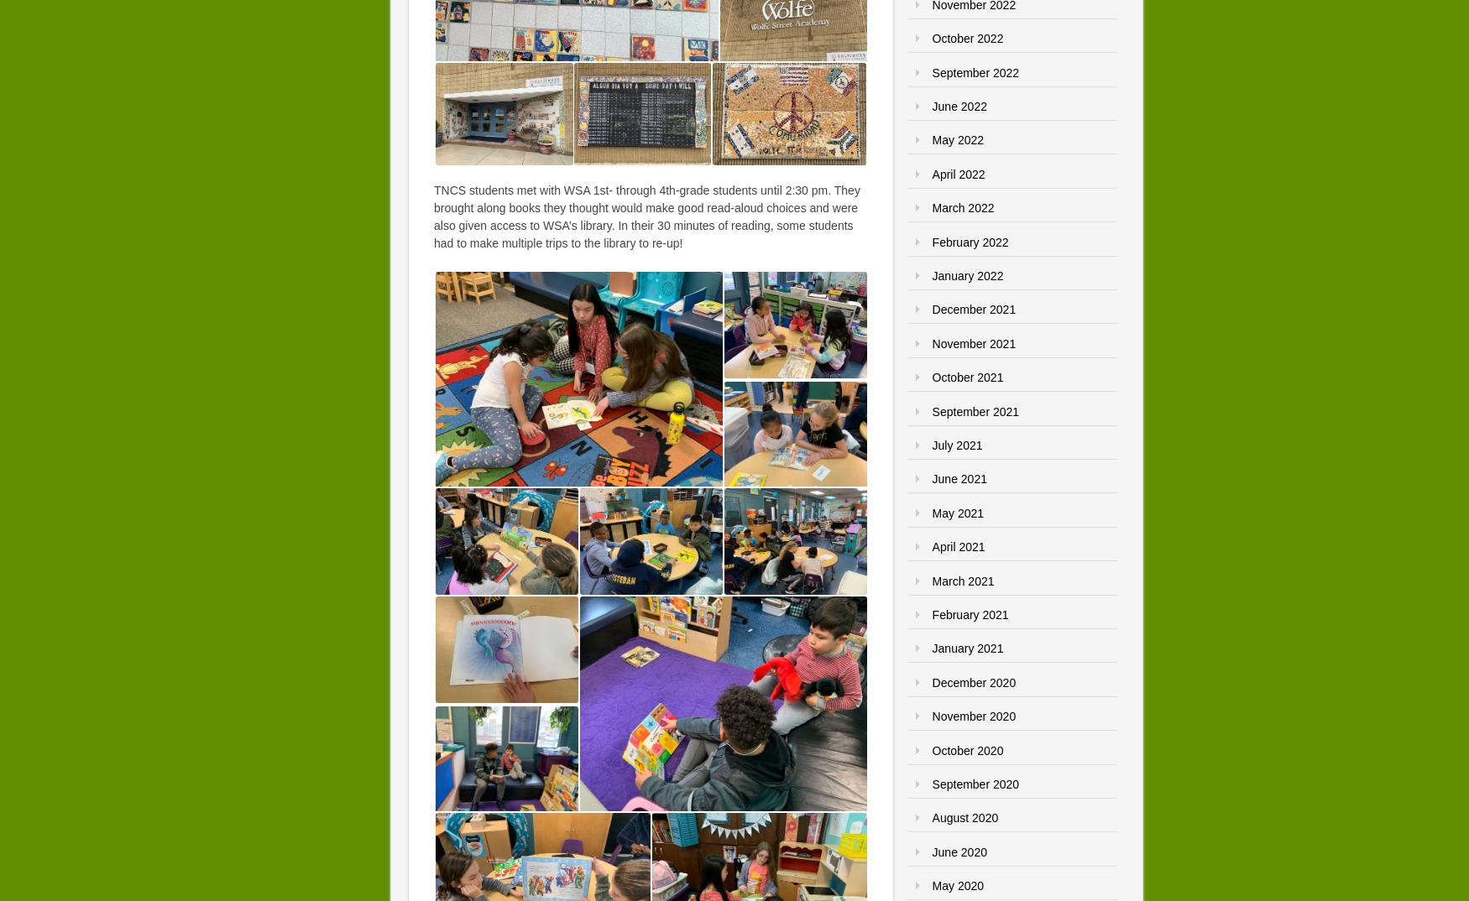 The image size is (1469, 901). Describe the element at coordinates (964, 816) in the screenshot. I see `'August 2020'` at that location.